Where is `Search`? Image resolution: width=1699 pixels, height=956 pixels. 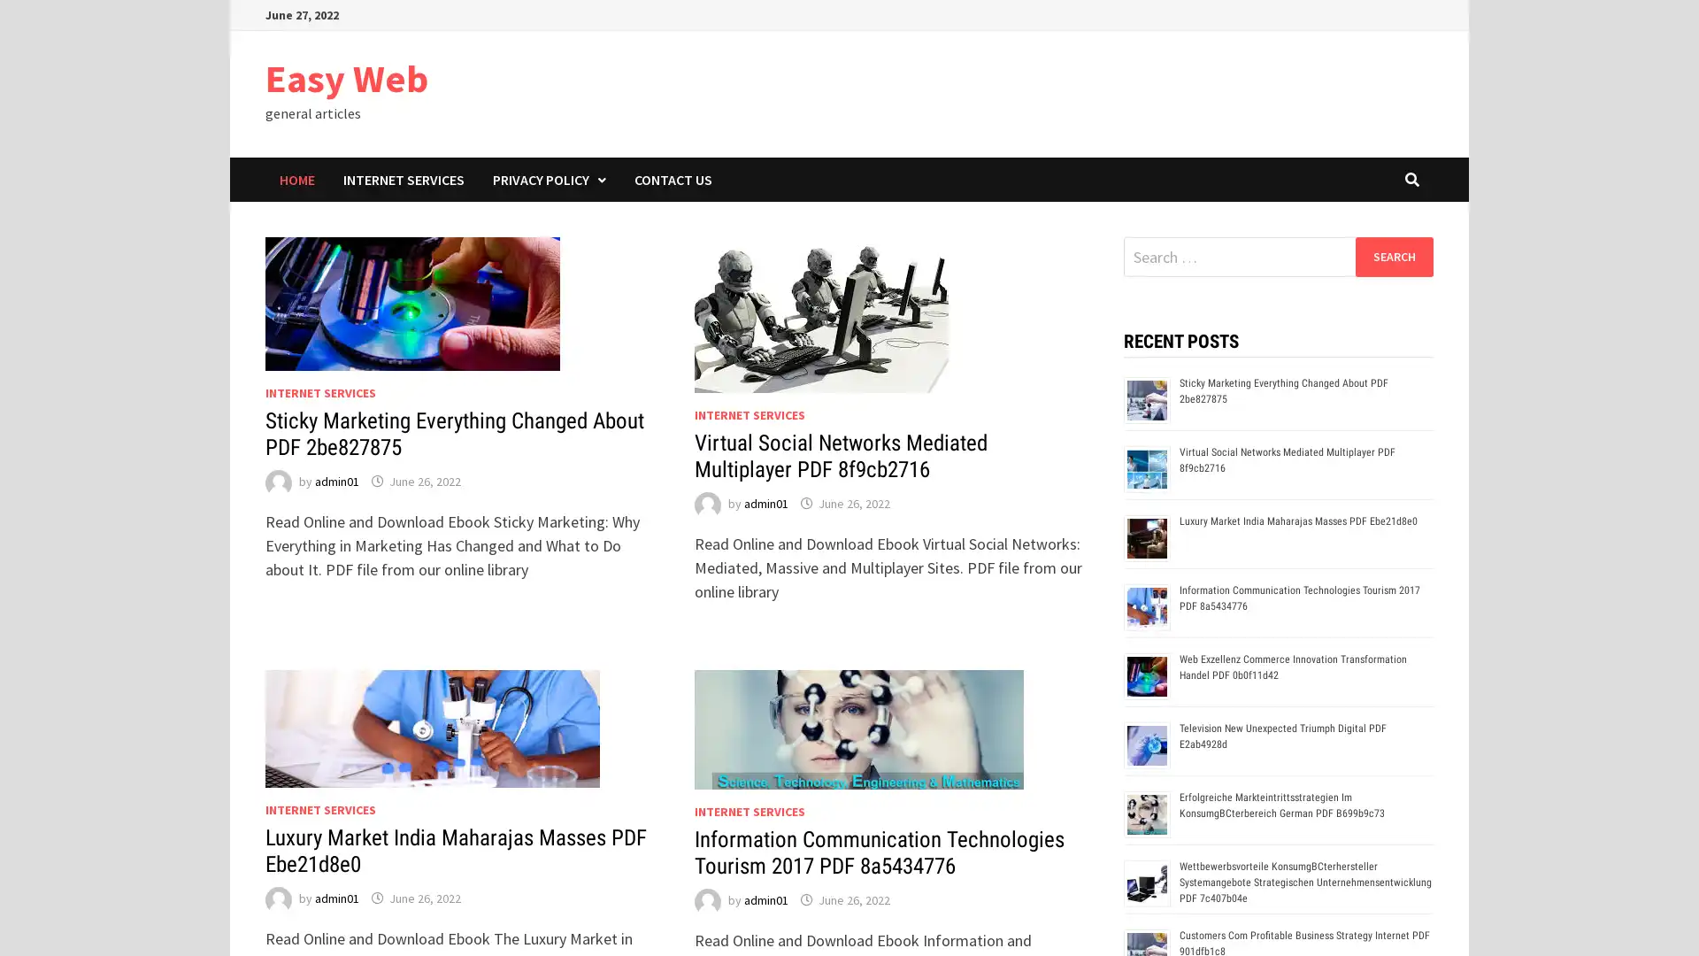
Search is located at coordinates (1393, 256).